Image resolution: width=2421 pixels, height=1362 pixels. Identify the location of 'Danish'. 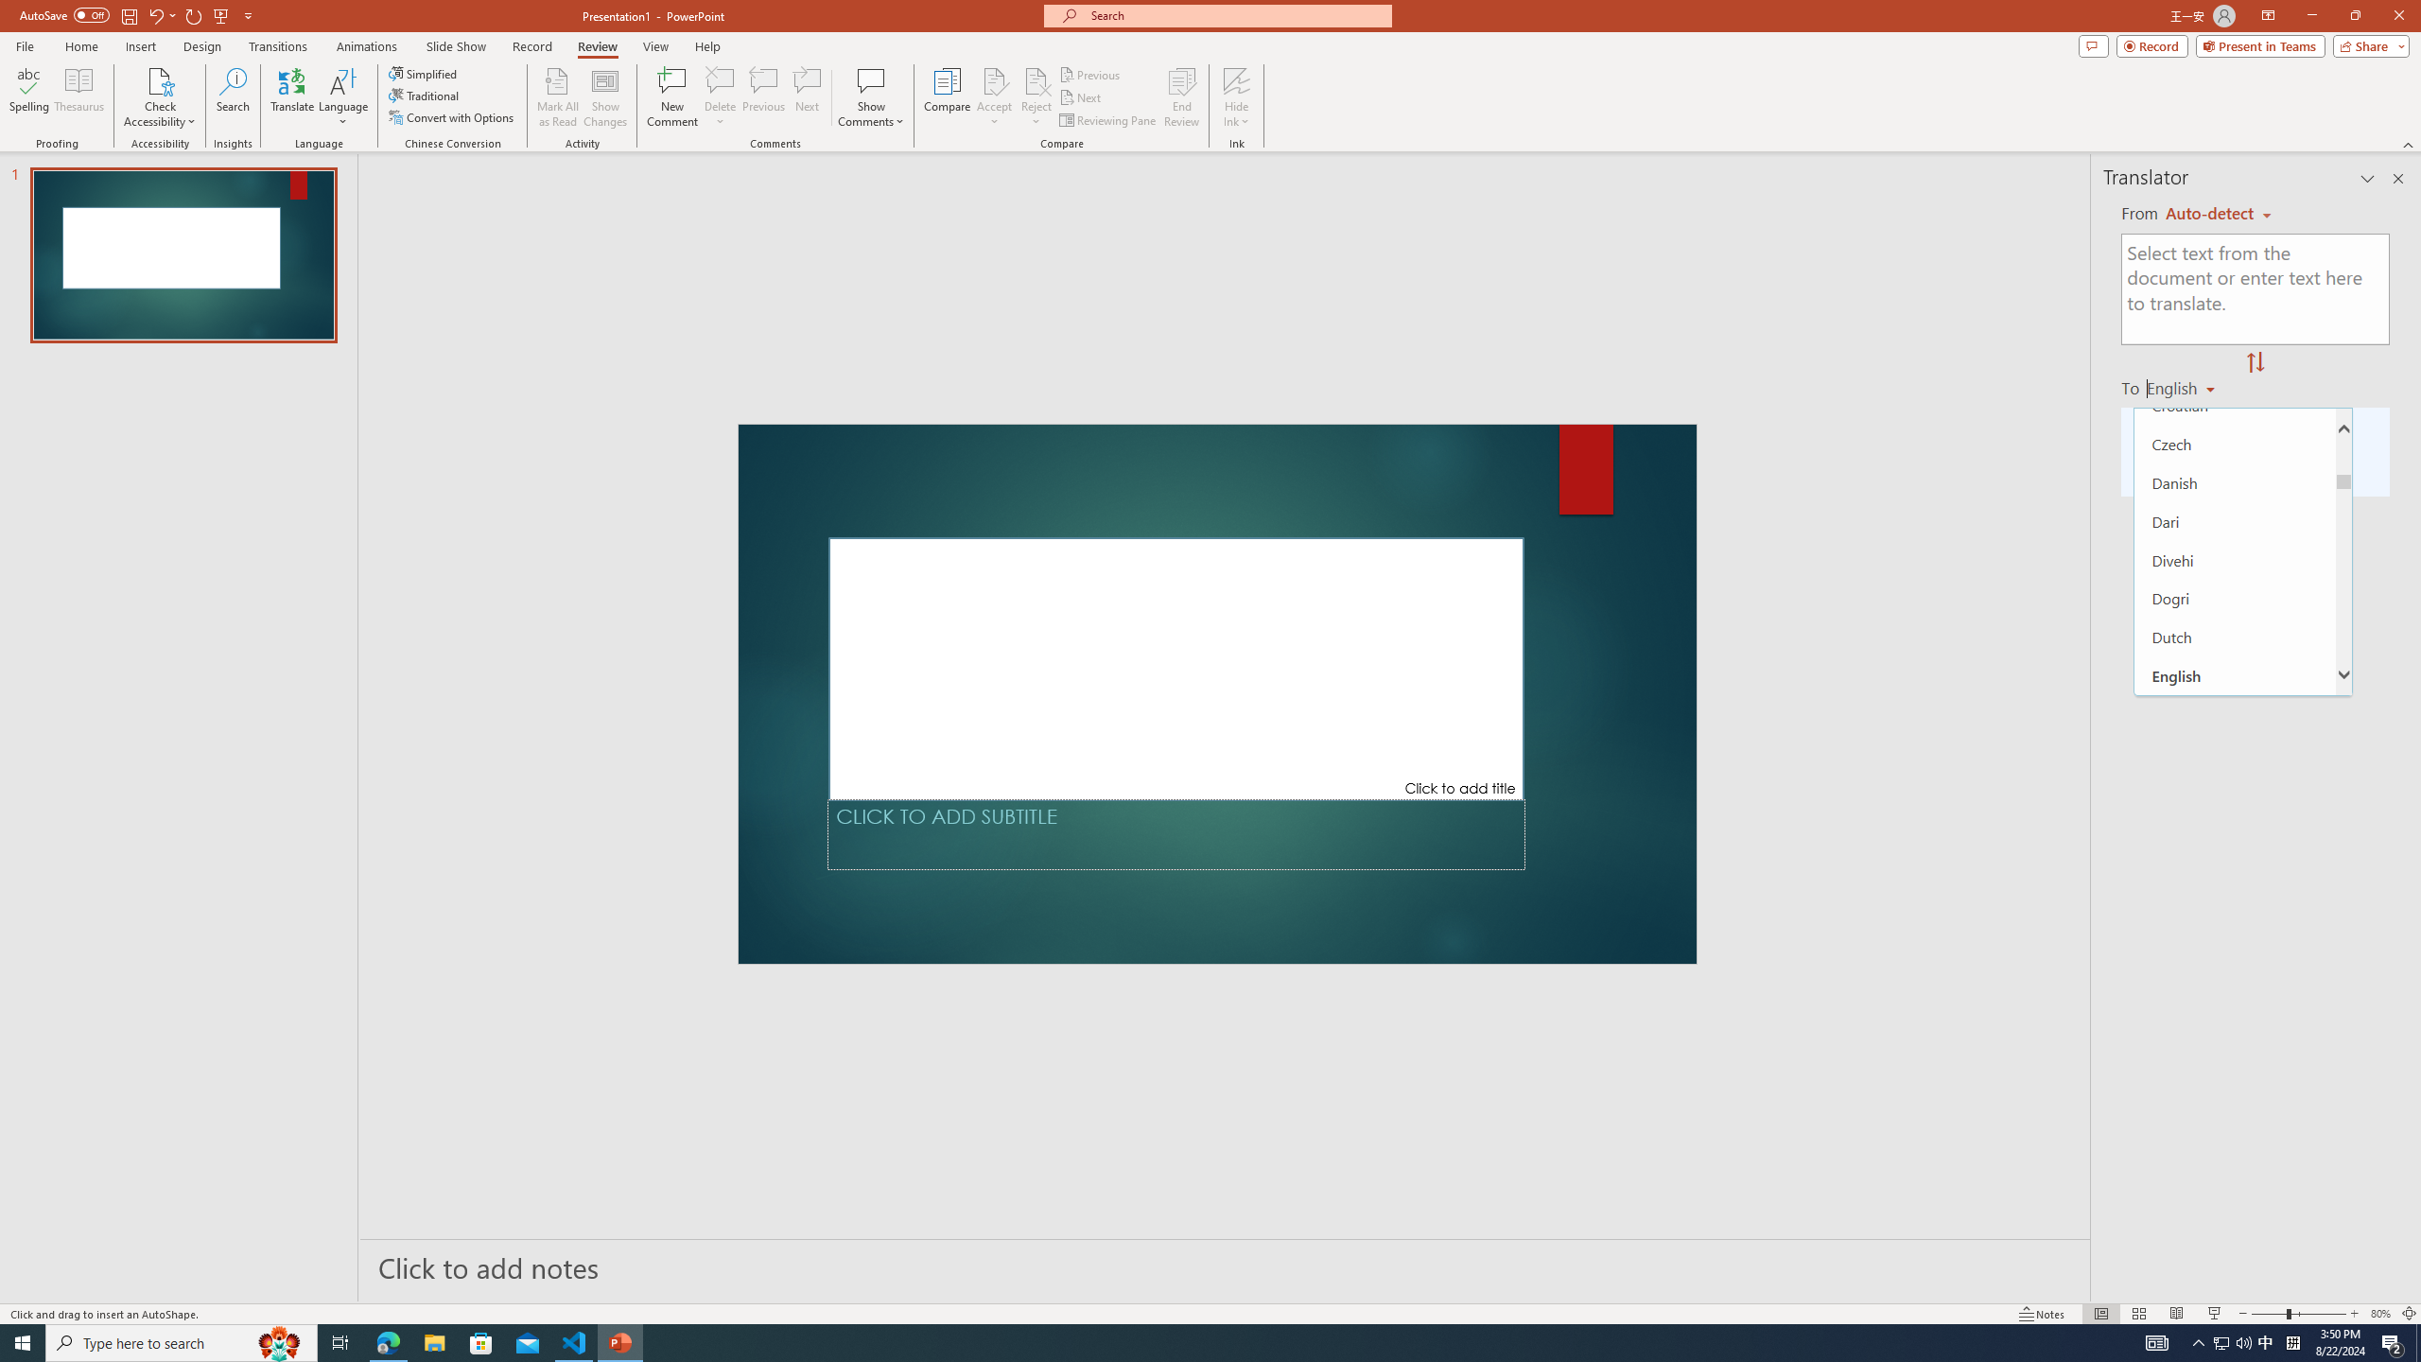
(2236, 481).